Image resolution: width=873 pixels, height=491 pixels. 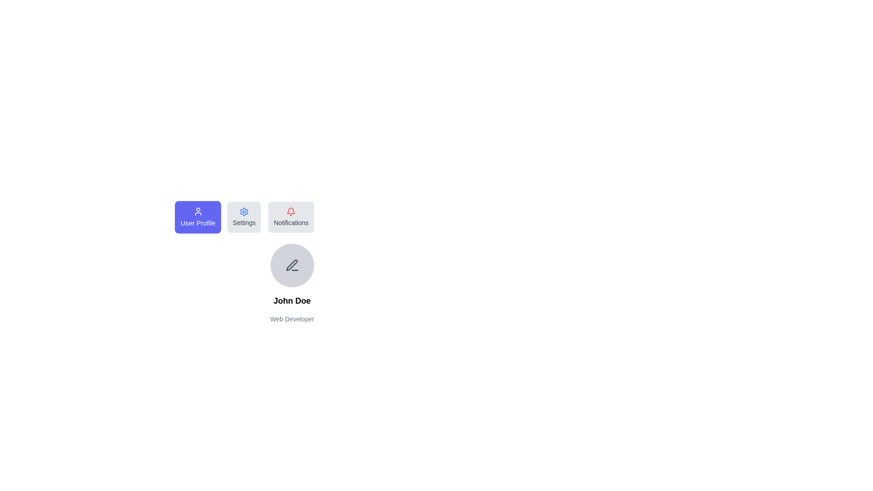 What do you see at coordinates (197, 217) in the screenshot?
I see `the leftmost button in the horizontal group of three buttons` at bounding box center [197, 217].